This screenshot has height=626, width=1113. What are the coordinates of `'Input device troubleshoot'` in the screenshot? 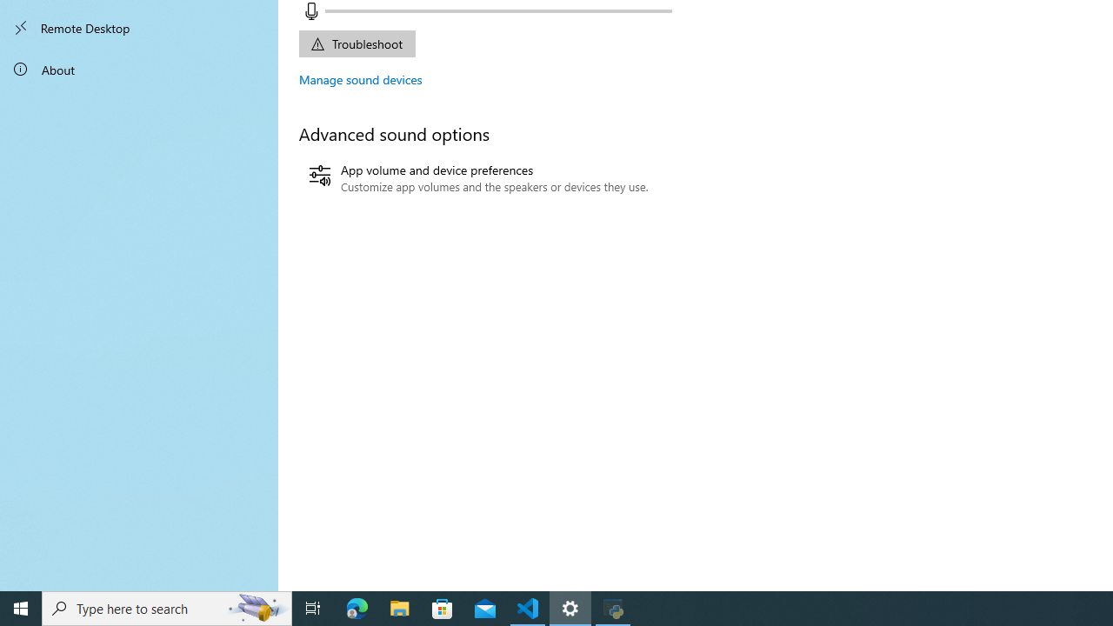 It's located at (356, 43).